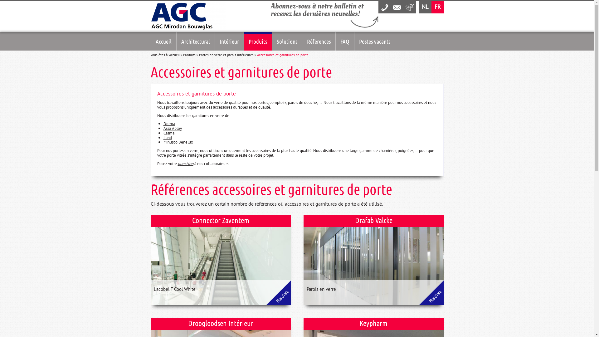 The height and width of the screenshot is (337, 599). I want to click on 'Dorma', so click(163, 124).